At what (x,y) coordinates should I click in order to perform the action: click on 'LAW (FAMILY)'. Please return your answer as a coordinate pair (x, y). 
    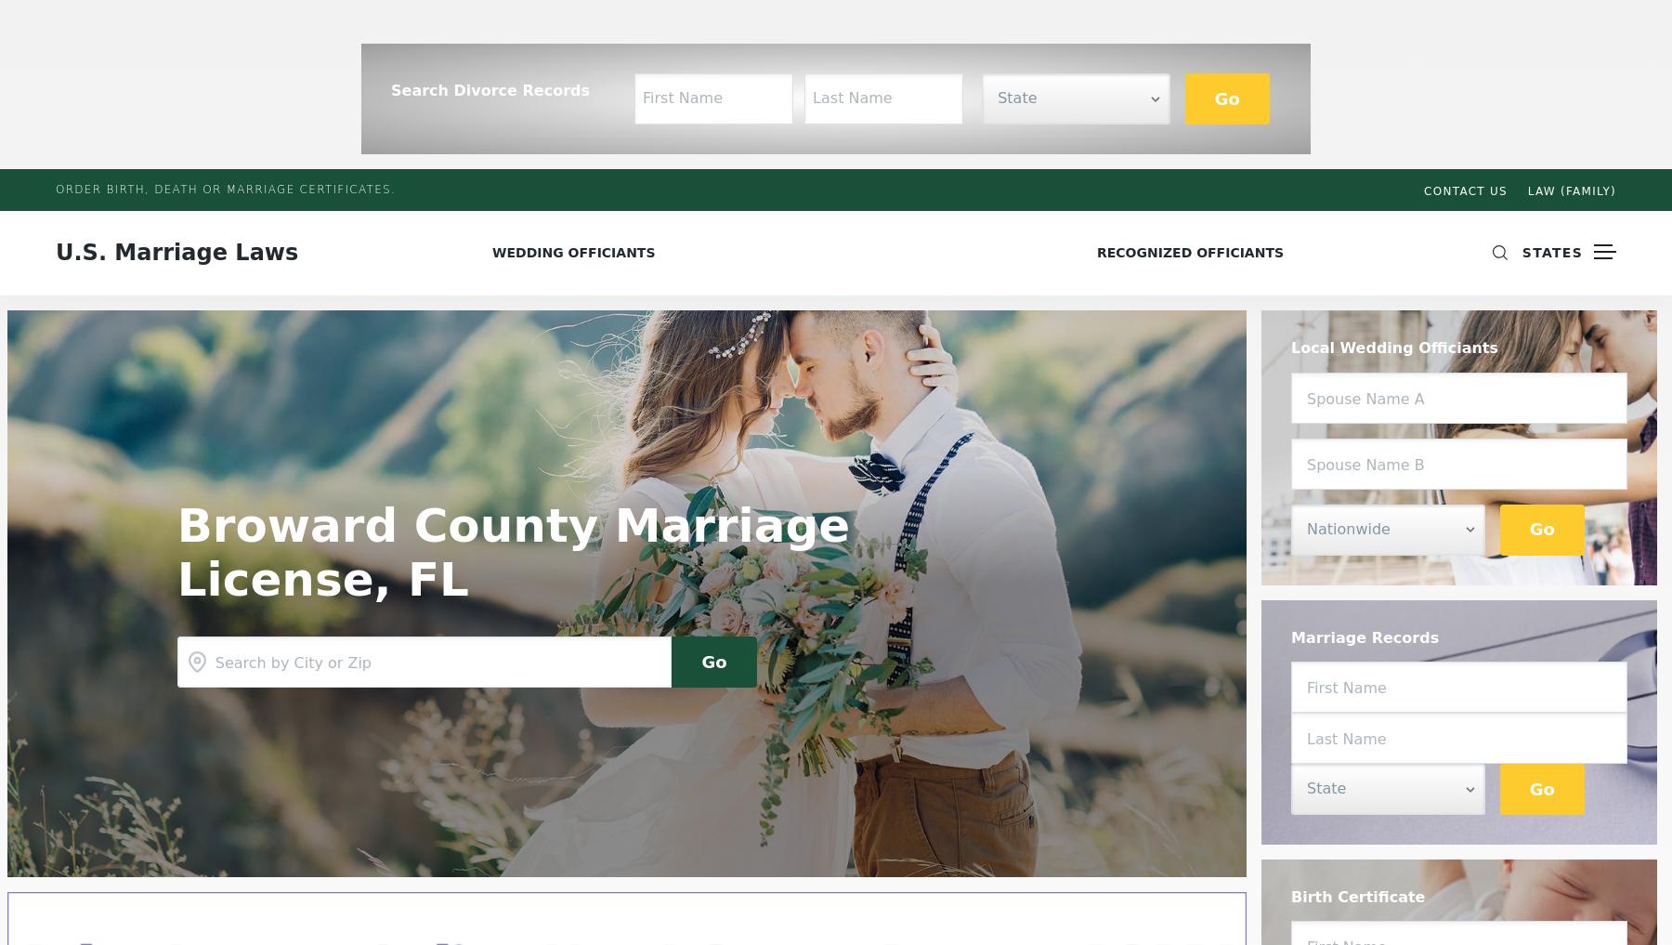
    Looking at the image, I should click on (1572, 191).